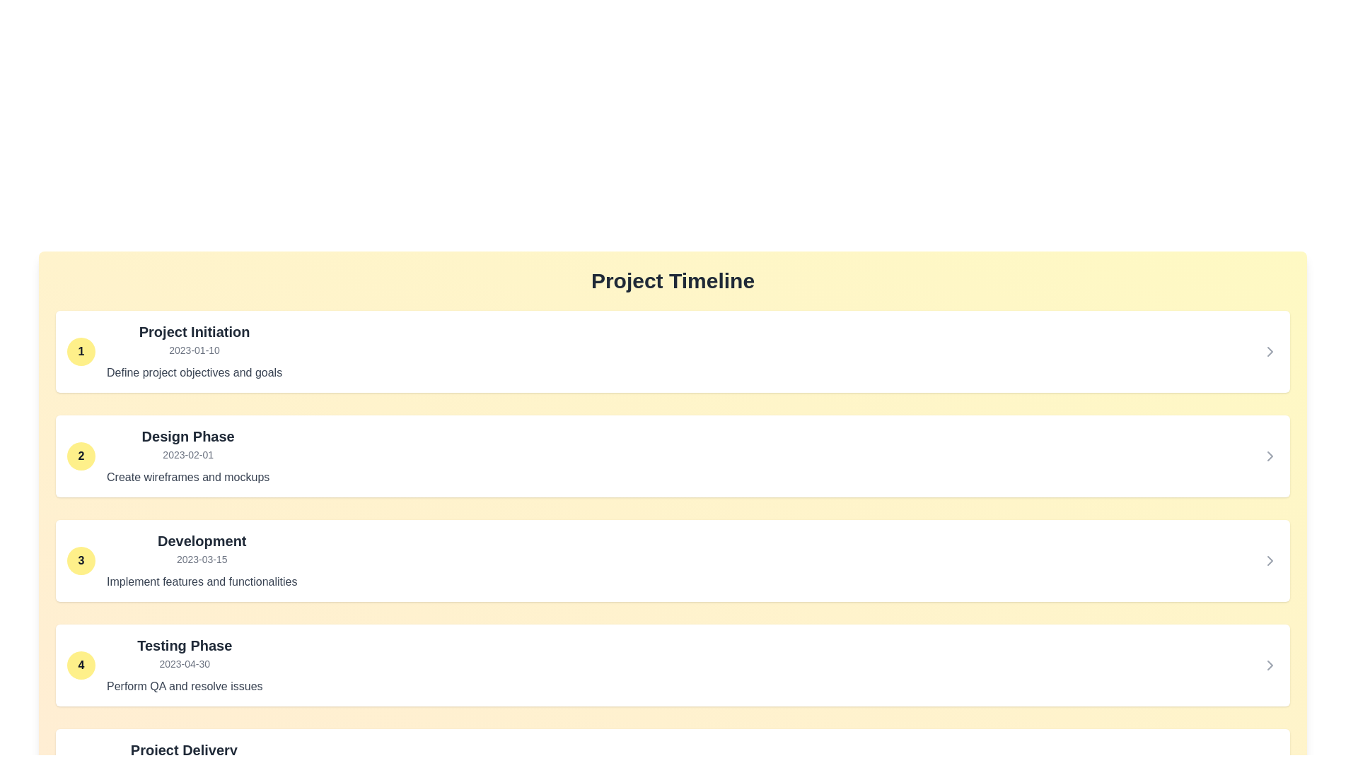  Describe the element at coordinates (187, 435) in the screenshot. I see `the text label that identifies the phase as 'Design Phase' located within a section titled with the numeral '2' in a circular yellow icon` at that location.